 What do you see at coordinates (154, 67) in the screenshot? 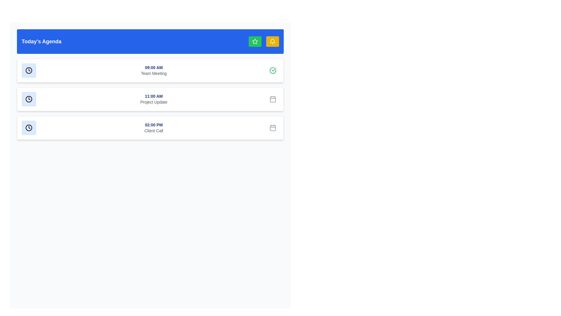
I see `time displayed in the text label showing '09:00 AM', which is styled in bold blue and is positioned above the 'Team Meeting' label in the agenda item block` at bounding box center [154, 67].